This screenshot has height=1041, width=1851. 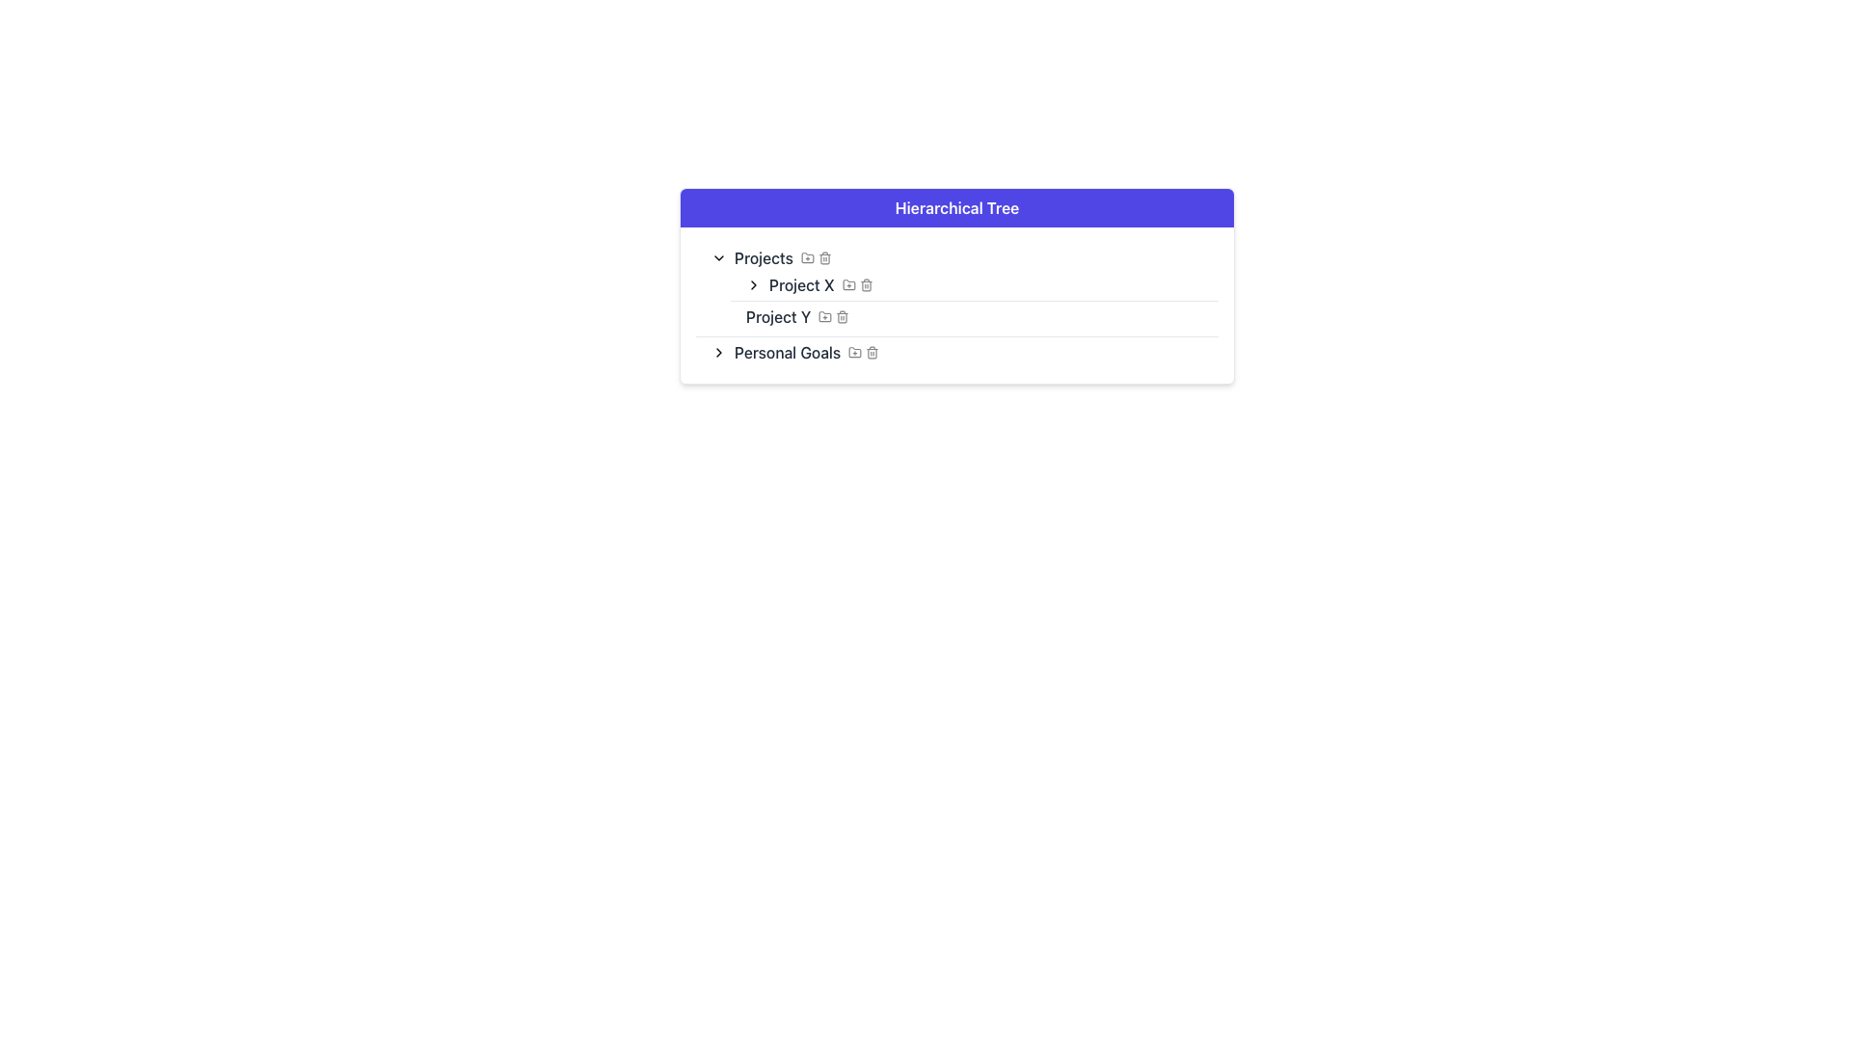 I want to click on the button located in the second position of the icon group under 'Project Y' in the 'Hierarchical Tree' section, so click(x=825, y=315).